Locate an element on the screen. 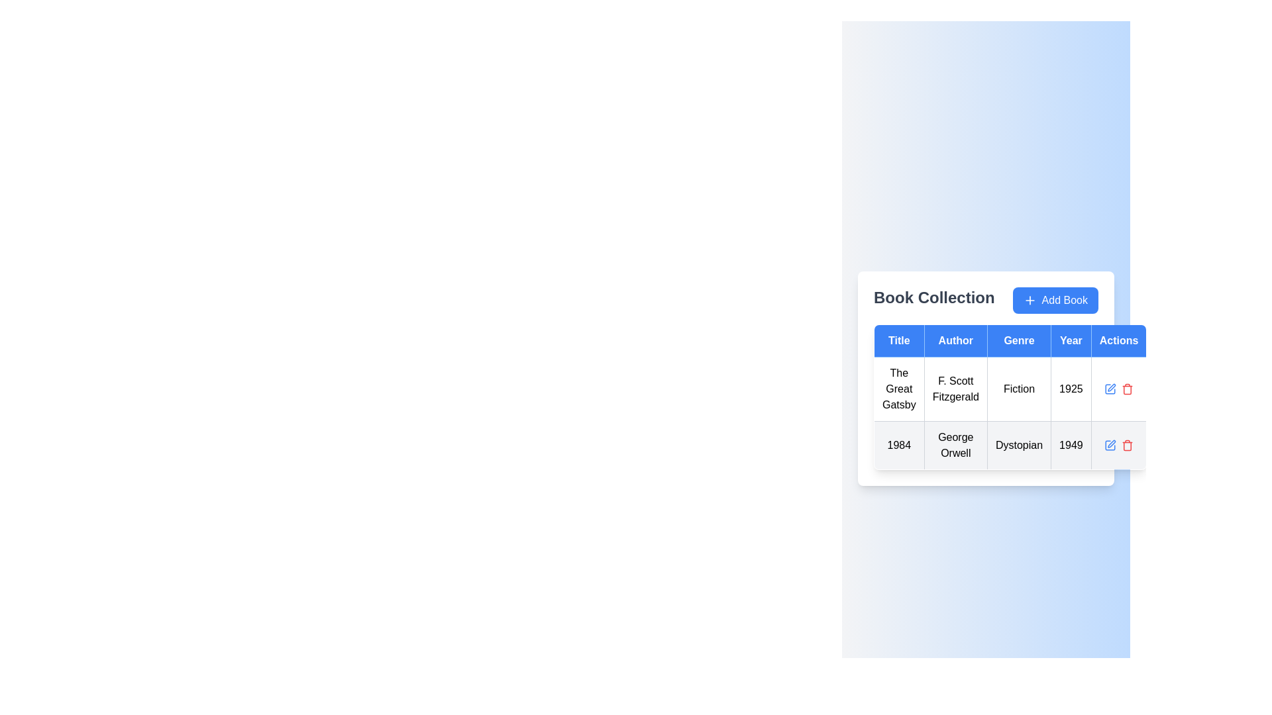 The width and height of the screenshot is (1272, 715). text content of the heading element that serves as a title for the section, positioned above the table and left of the 'Add Book' button is located at coordinates (933, 301).